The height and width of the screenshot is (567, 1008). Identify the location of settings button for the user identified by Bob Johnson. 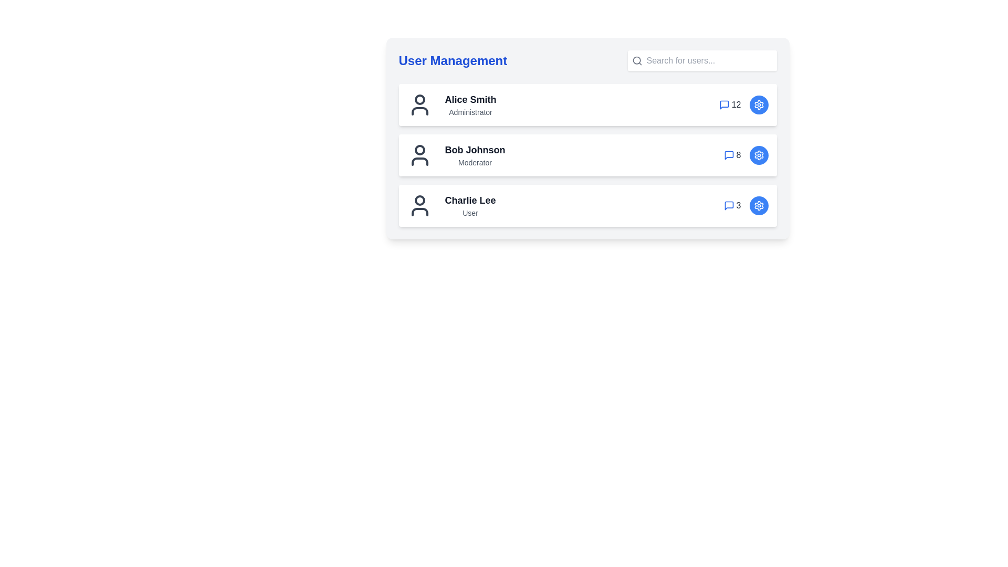
(759, 155).